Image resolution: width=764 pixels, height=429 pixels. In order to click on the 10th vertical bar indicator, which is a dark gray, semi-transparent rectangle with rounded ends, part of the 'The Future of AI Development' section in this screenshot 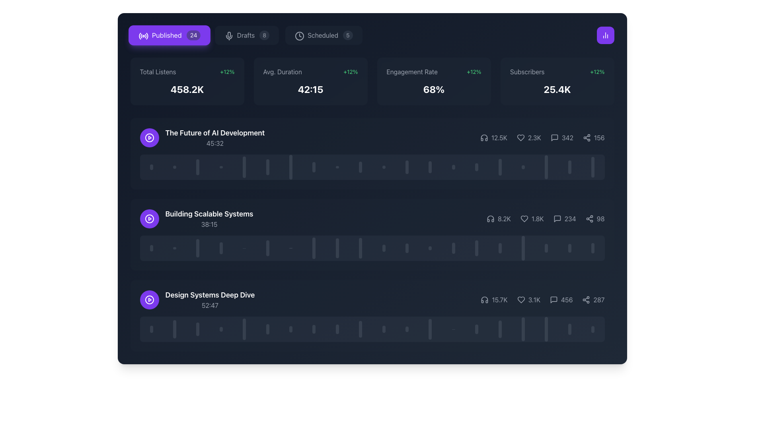, I will do `click(360, 166)`.